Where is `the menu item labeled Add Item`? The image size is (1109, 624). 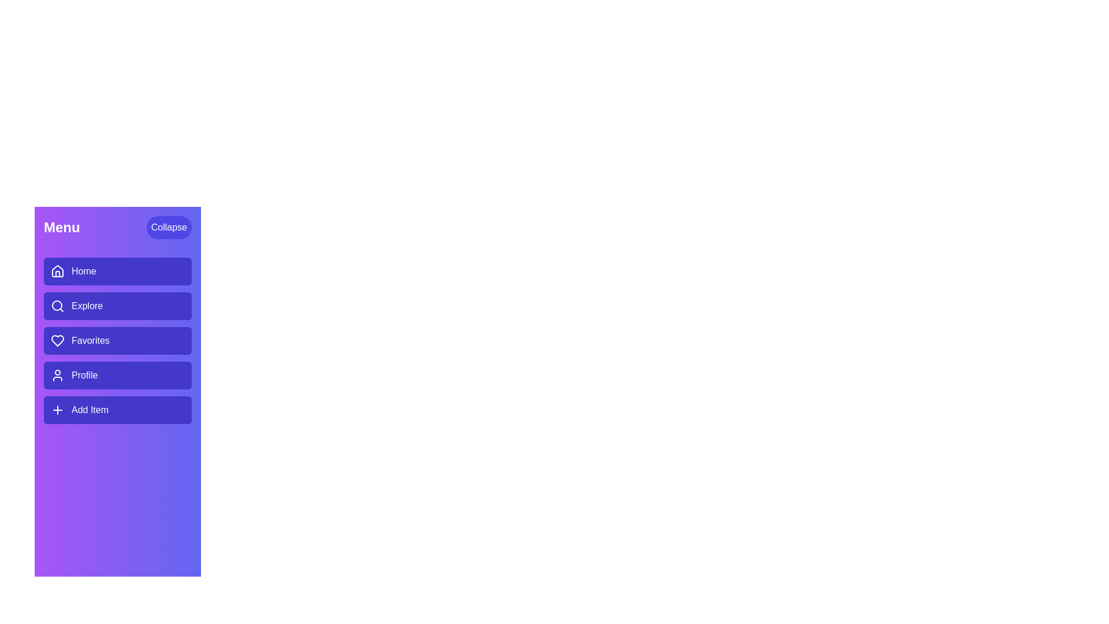 the menu item labeled Add Item is located at coordinates (117, 409).